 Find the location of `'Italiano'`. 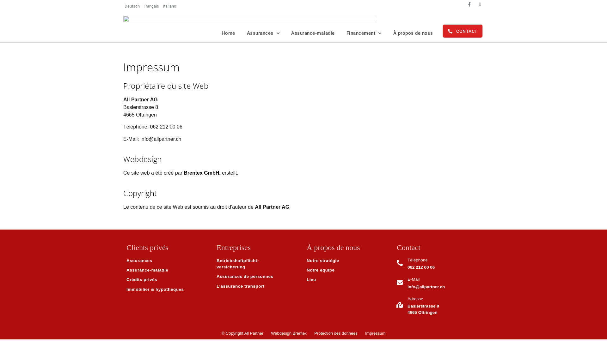

'Italiano' is located at coordinates (169, 6).